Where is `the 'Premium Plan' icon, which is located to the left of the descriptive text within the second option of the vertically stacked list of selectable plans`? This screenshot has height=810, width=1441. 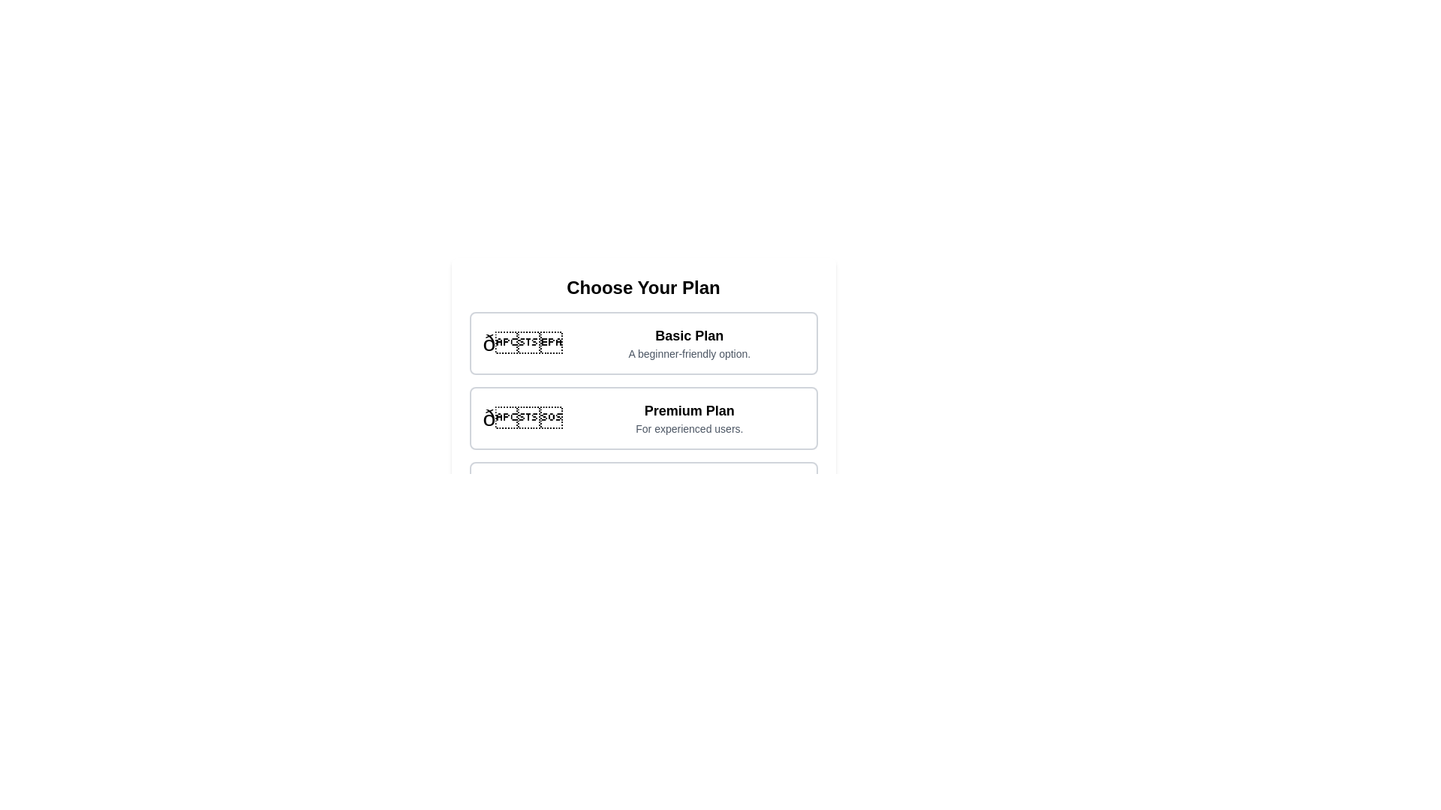 the 'Premium Plan' icon, which is located to the left of the descriptive text within the second option of the vertically stacked list of selectable plans is located at coordinates (522, 418).